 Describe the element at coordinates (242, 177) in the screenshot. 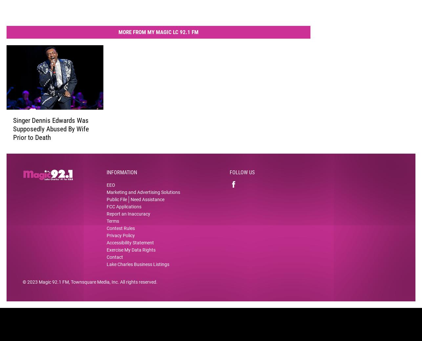

I see `'Follow Us'` at that location.